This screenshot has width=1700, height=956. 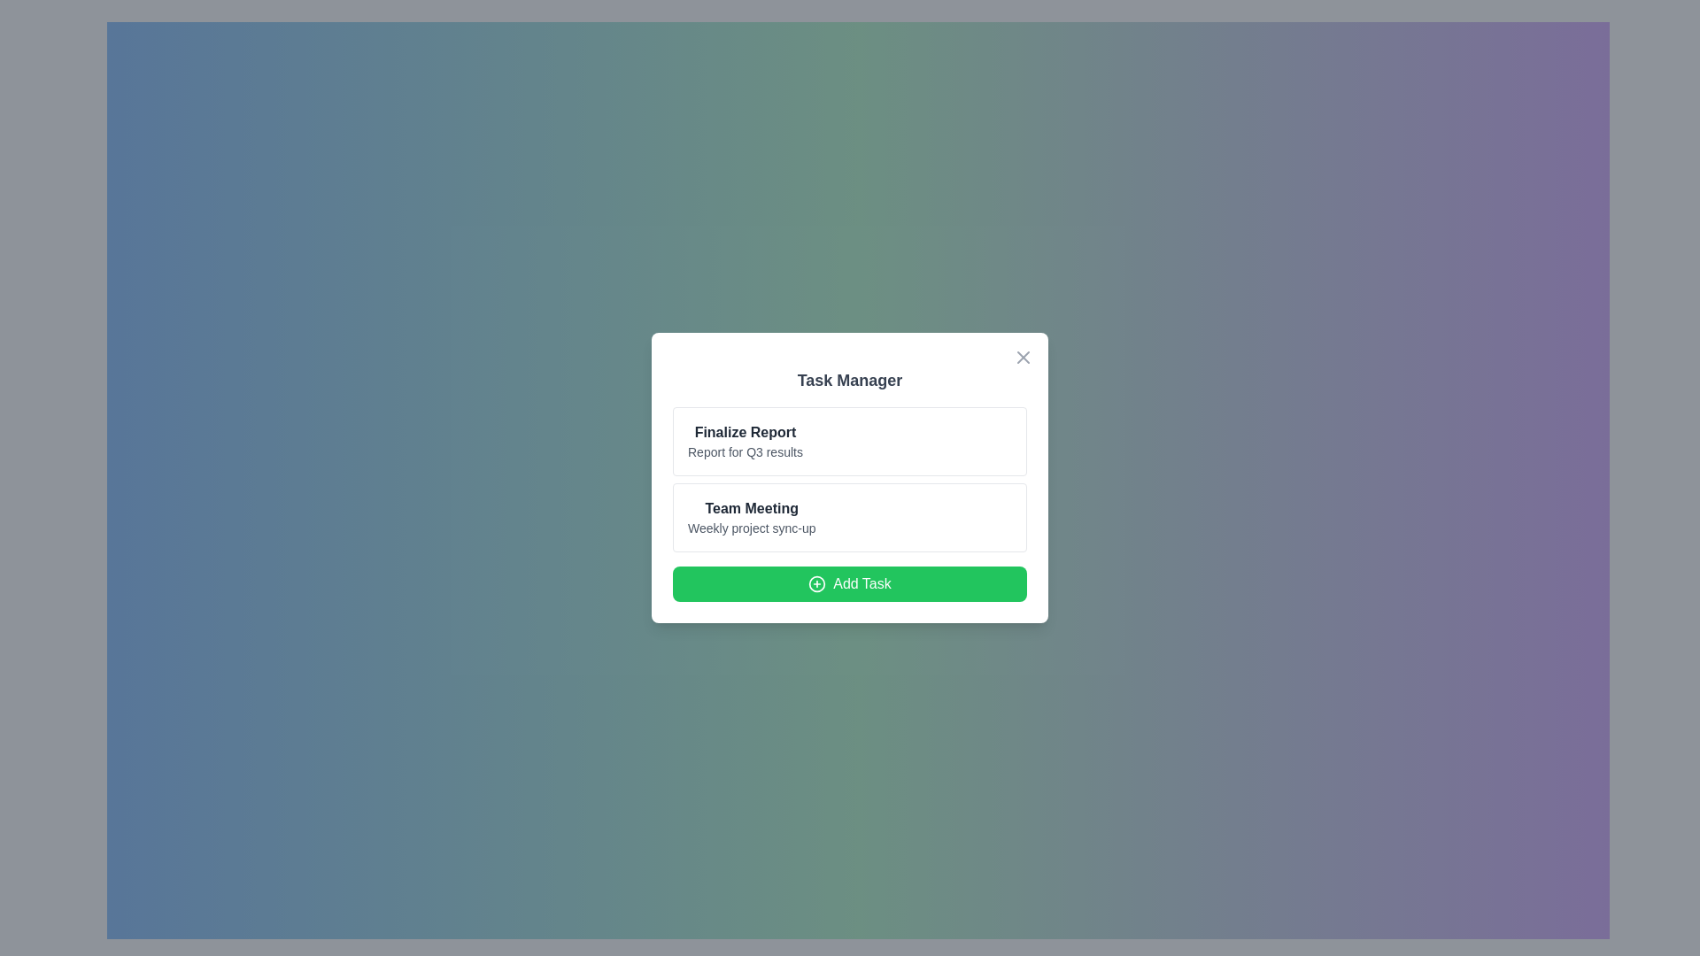 What do you see at coordinates (1024, 358) in the screenshot?
I see `the close button with an icon located at the top-right corner of the 'Task Manager' card layout` at bounding box center [1024, 358].